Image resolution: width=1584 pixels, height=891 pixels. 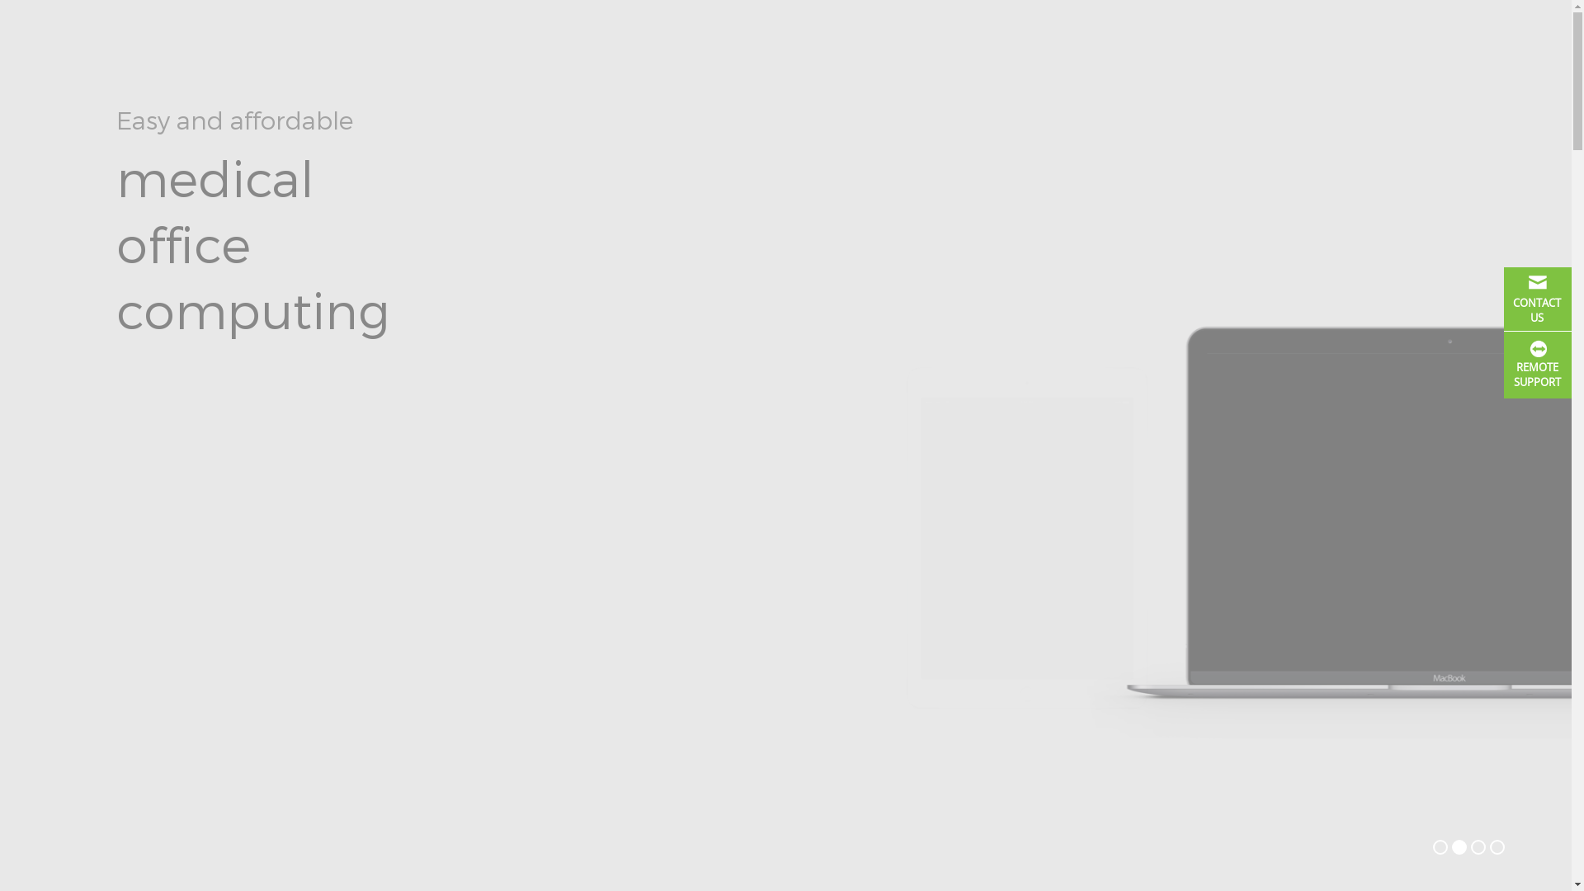 What do you see at coordinates (1536, 364) in the screenshot?
I see `'REMOTE SUPPORT'` at bounding box center [1536, 364].